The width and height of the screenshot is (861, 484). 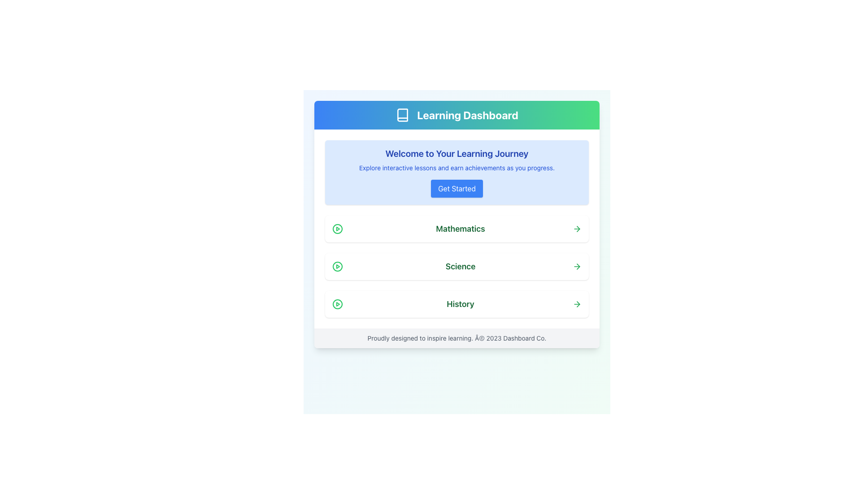 What do you see at coordinates (337, 266) in the screenshot?
I see `the circular icon with a green border located to the left of the 'Science' title in the Learning Dashboard's subject list` at bounding box center [337, 266].